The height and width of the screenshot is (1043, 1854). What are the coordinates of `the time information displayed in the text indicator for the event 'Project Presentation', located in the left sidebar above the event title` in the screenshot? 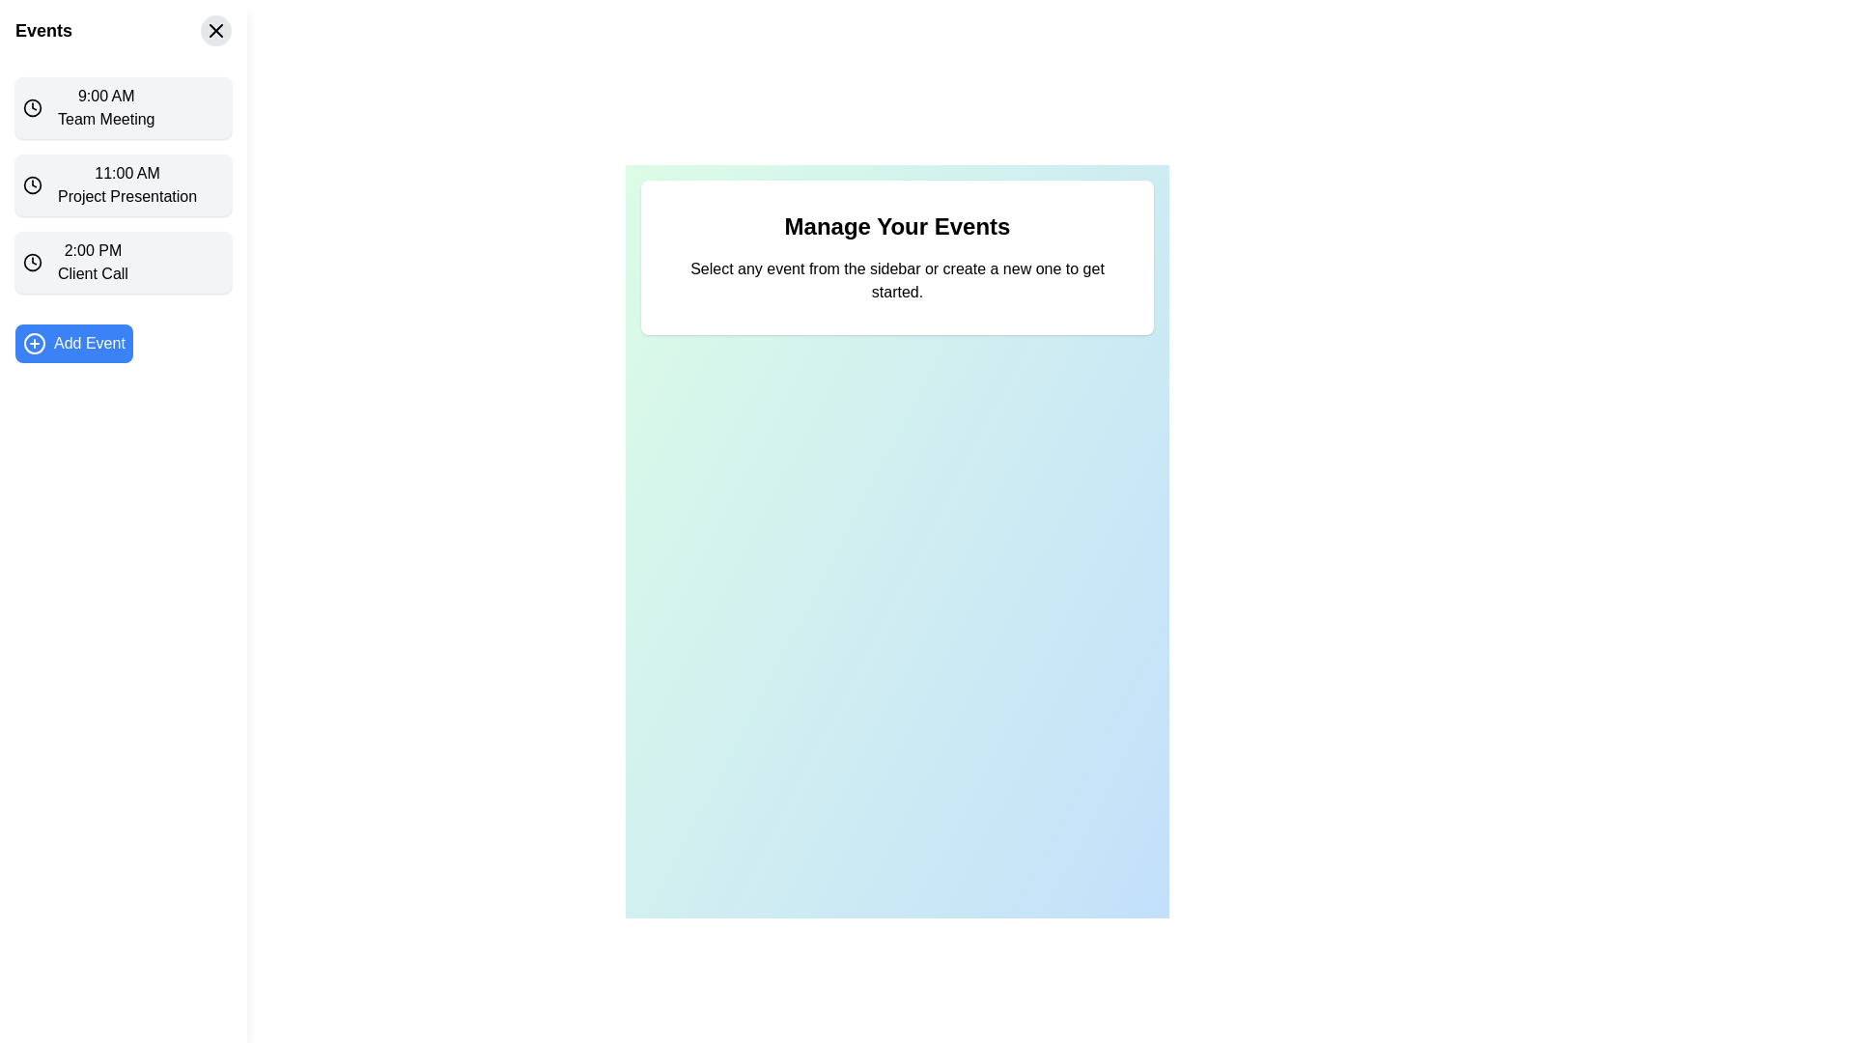 It's located at (126, 174).